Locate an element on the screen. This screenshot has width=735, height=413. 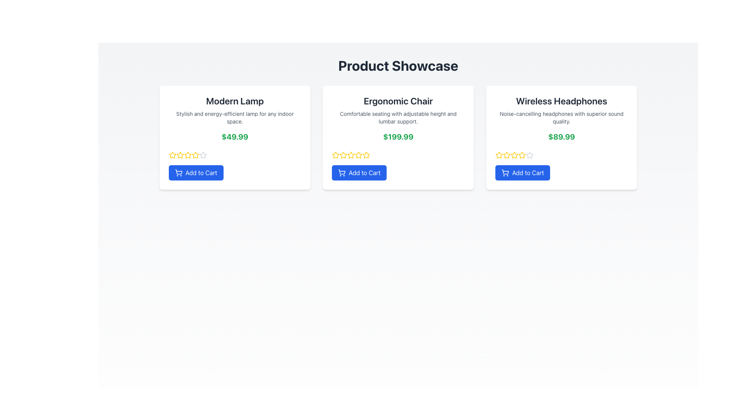
the third star icon, which is a yellow filled star with rounded edges, located in the rating section beneath the 'Ergonomic Chair' product card is located at coordinates (343, 155).